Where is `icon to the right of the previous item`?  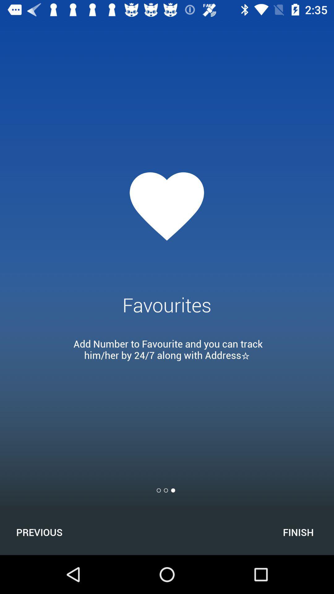
icon to the right of the previous item is located at coordinates (298, 532).